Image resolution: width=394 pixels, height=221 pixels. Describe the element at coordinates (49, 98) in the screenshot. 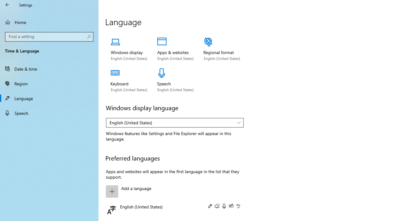

I see `'Language'` at that location.